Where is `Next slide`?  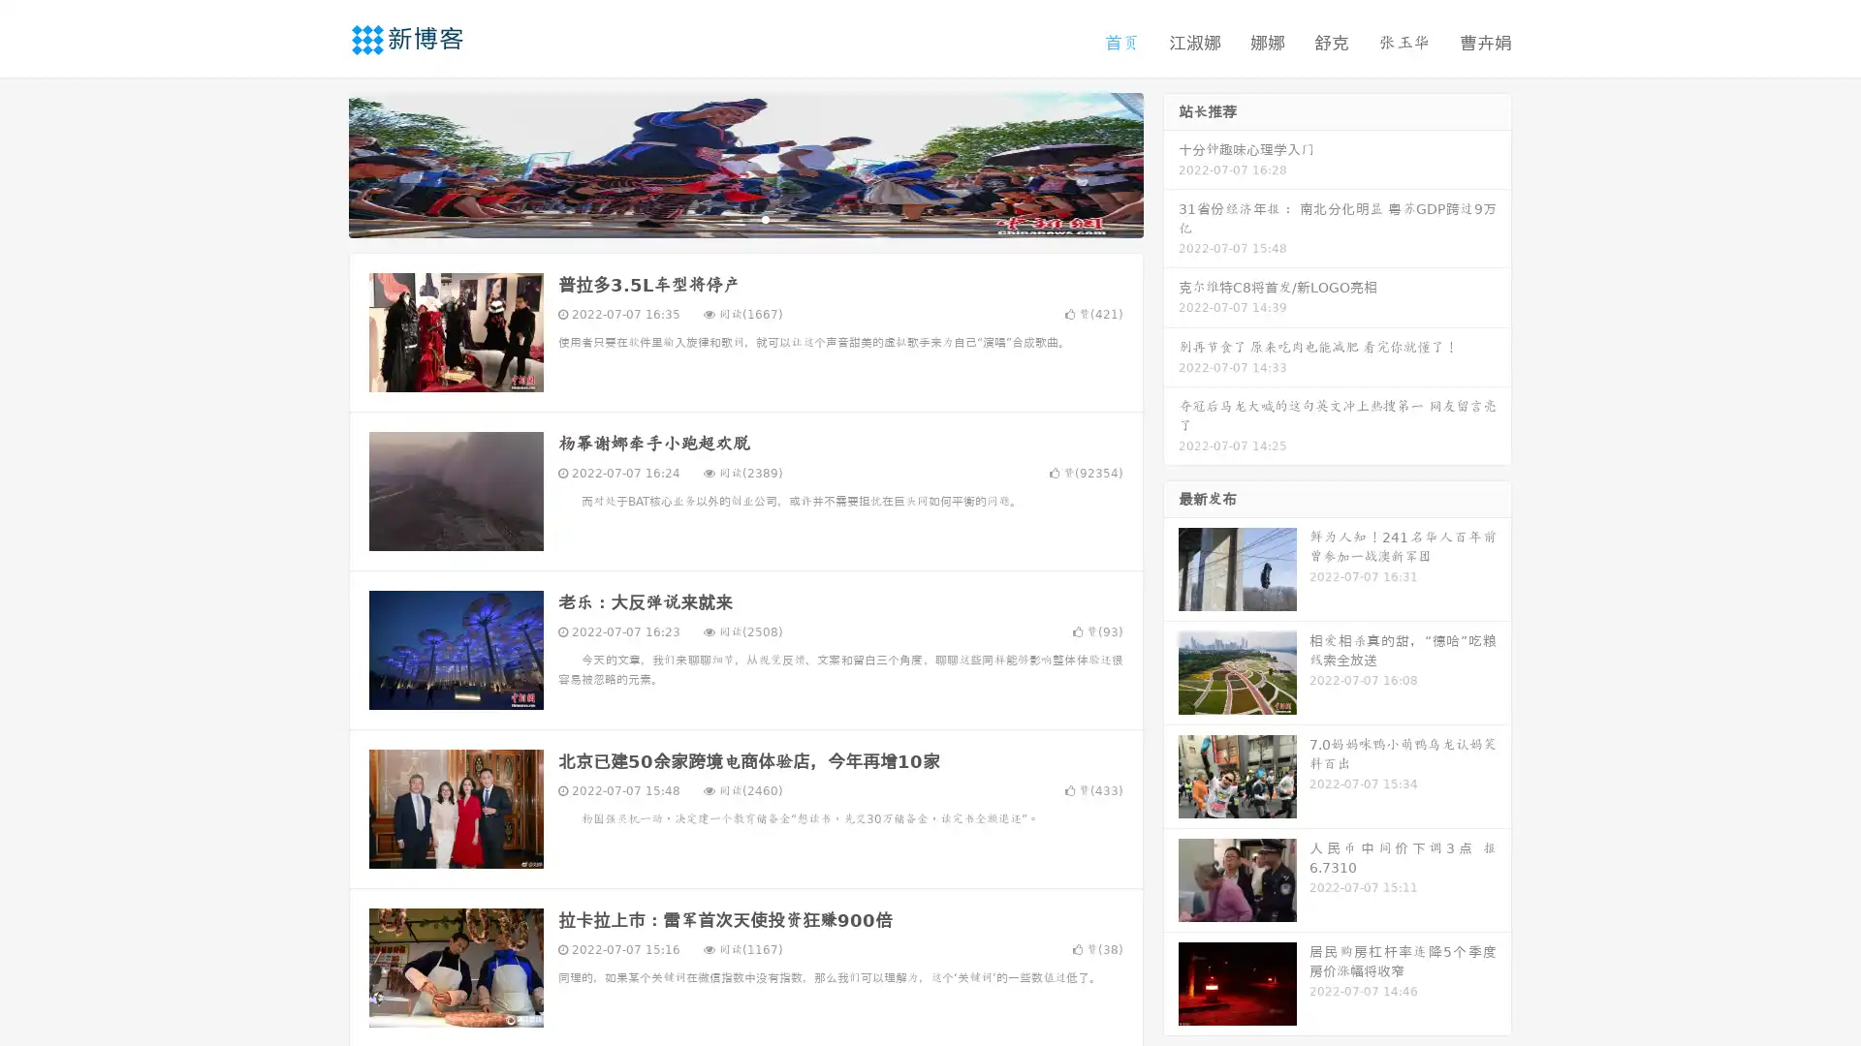
Next slide is located at coordinates (1171, 163).